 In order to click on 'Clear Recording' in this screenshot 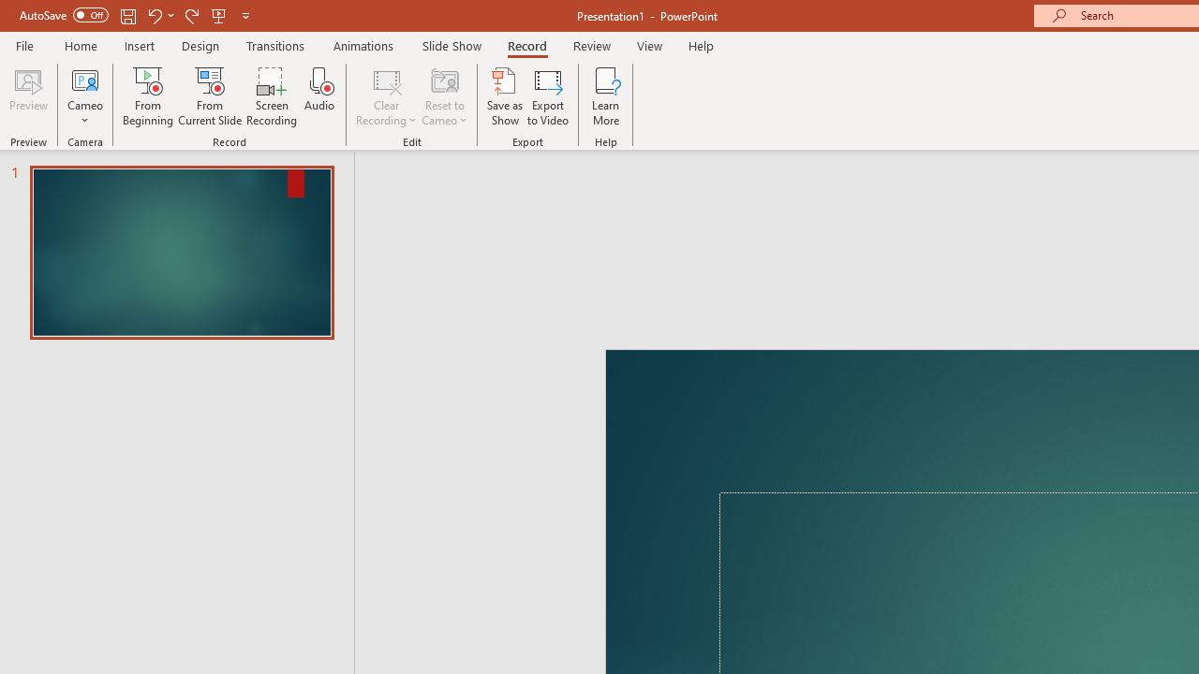, I will do `click(385, 96)`.